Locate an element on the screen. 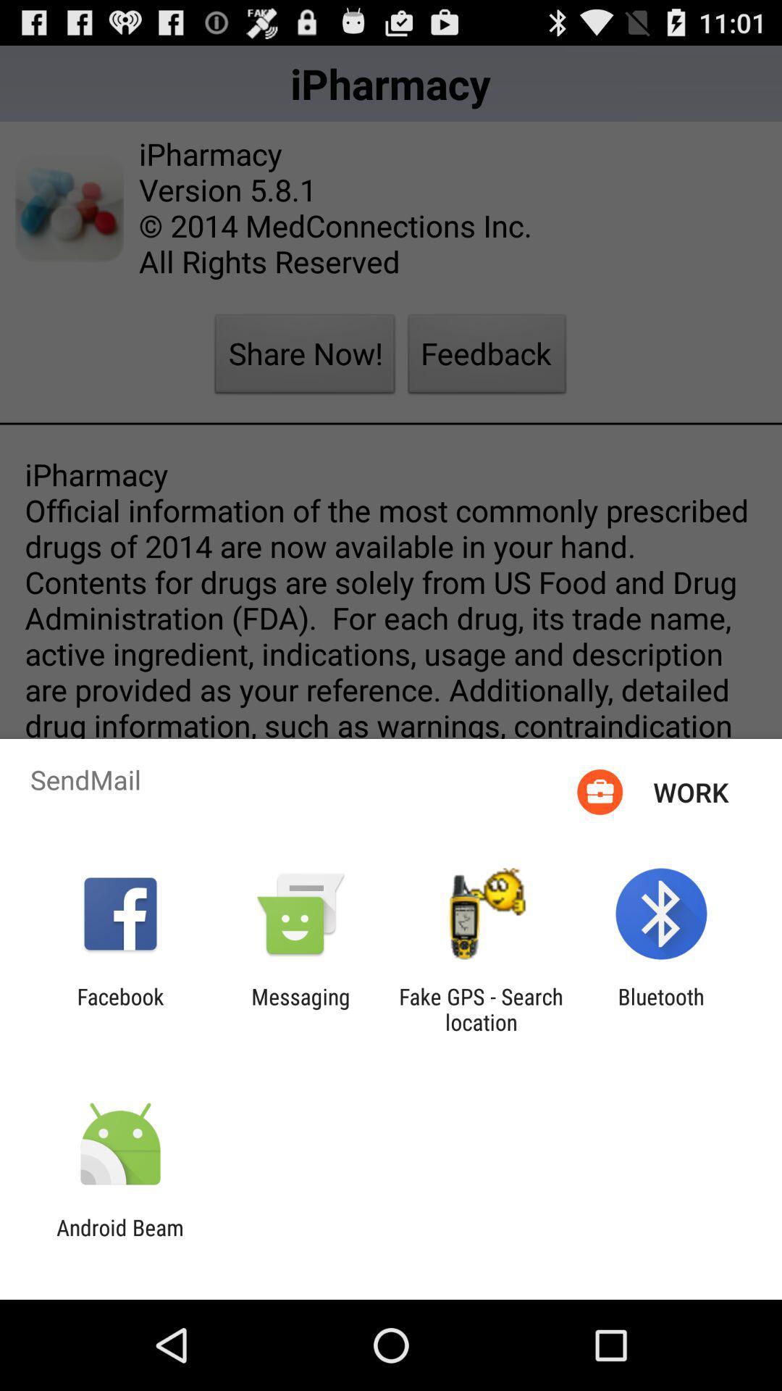  the item to the left of the messaging icon is located at coordinates (119, 1008).